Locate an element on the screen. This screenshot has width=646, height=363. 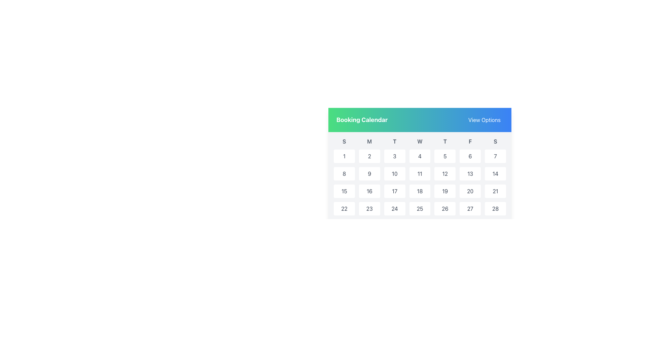
the label representing the 23rd day in the calendar interface is located at coordinates (369, 208).